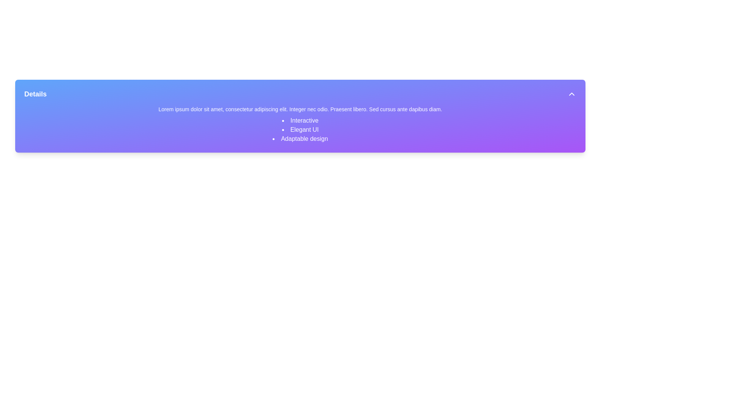 This screenshot has height=410, width=729. I want to click on the first paragraph styled with a smaller font size that displays the text 'Lorem ipsum dolor sit amet, consectetur adipiscing elit. Integer nec odio. Praesent libero. Sed cursus ante dapibus diam.' positioned against a gradient background transitioning from blue to purple, so click(300, 109).